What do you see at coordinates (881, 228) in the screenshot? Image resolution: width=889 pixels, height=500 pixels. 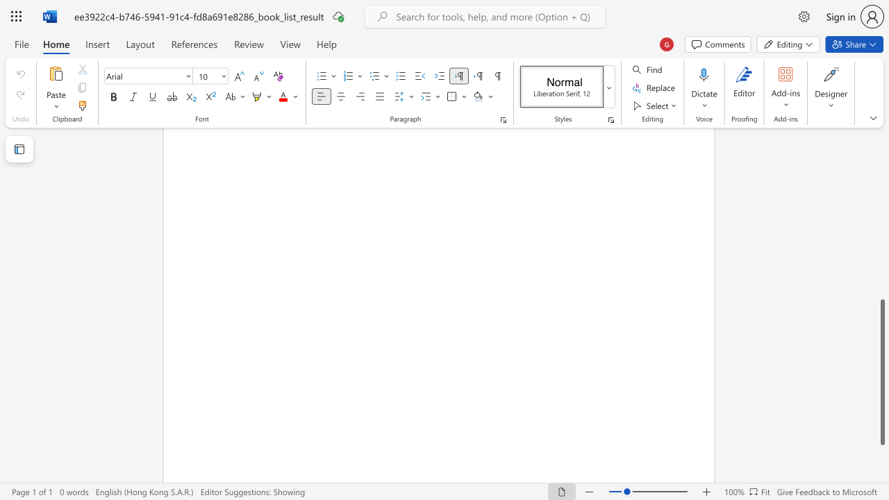 I see `the scrollbar on the right` at bounding box center [881, 228].